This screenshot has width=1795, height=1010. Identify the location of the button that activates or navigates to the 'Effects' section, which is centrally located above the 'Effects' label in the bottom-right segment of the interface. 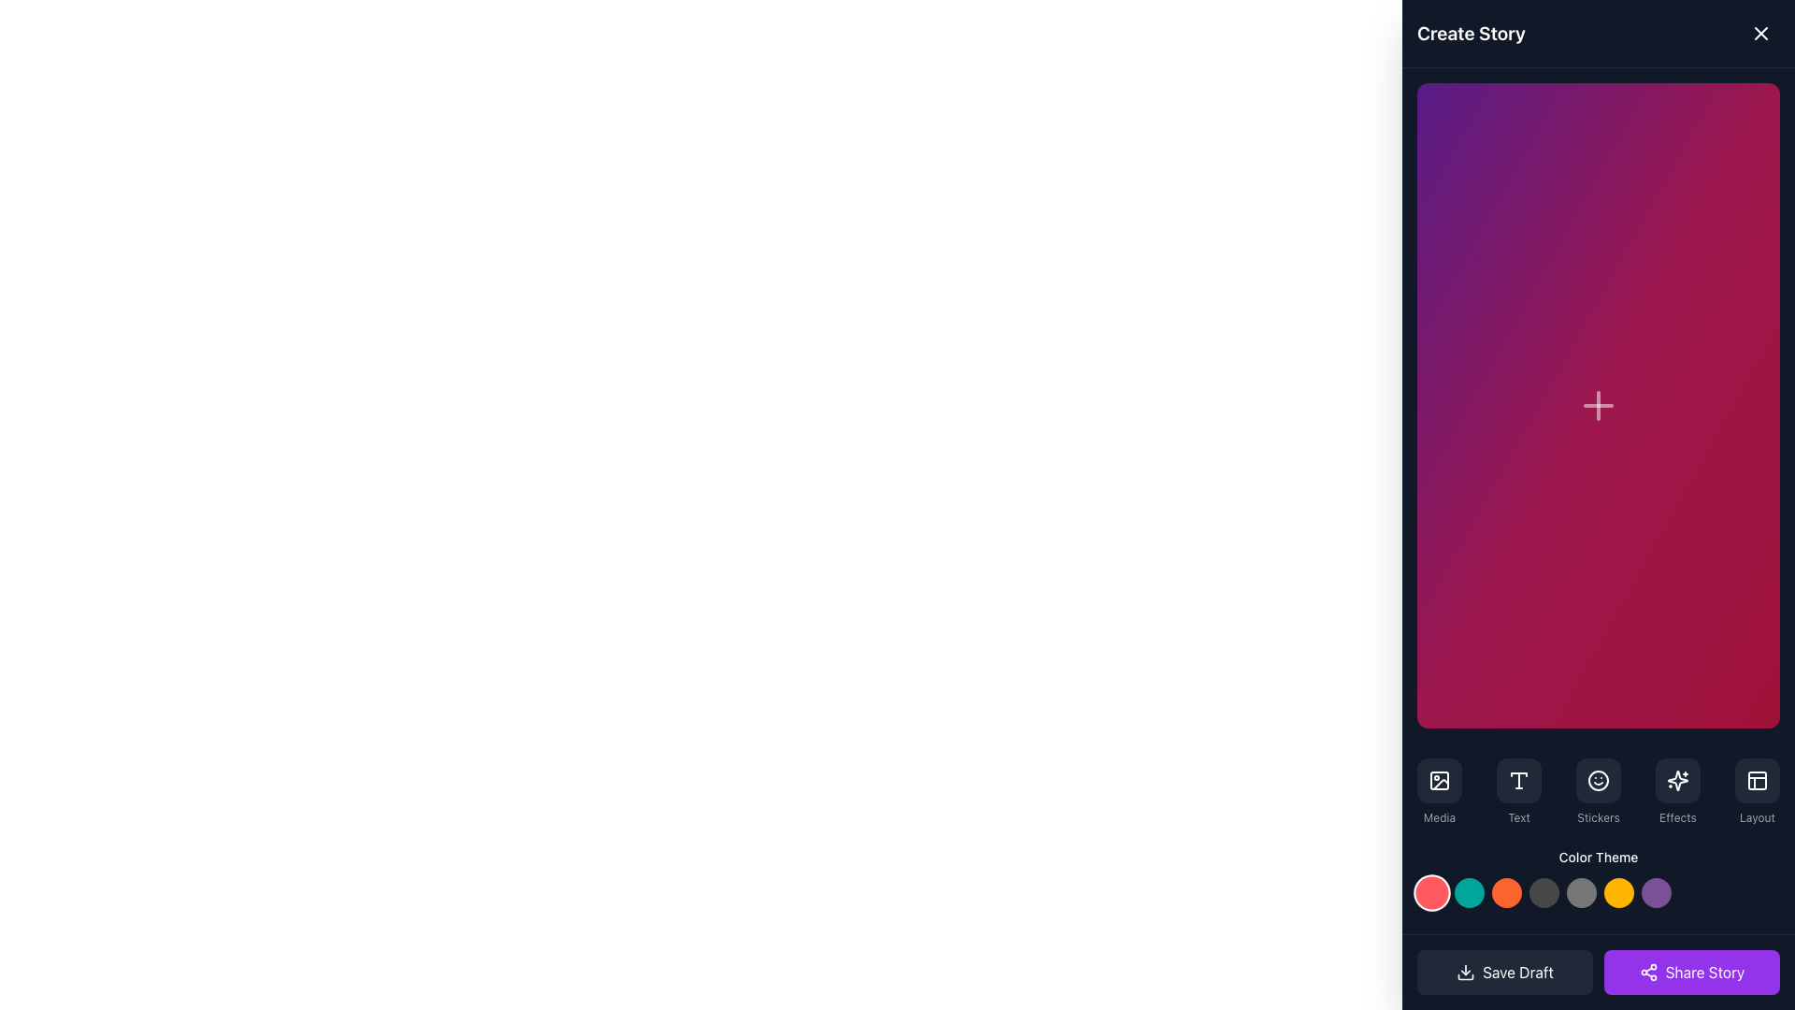
(1678, 779).